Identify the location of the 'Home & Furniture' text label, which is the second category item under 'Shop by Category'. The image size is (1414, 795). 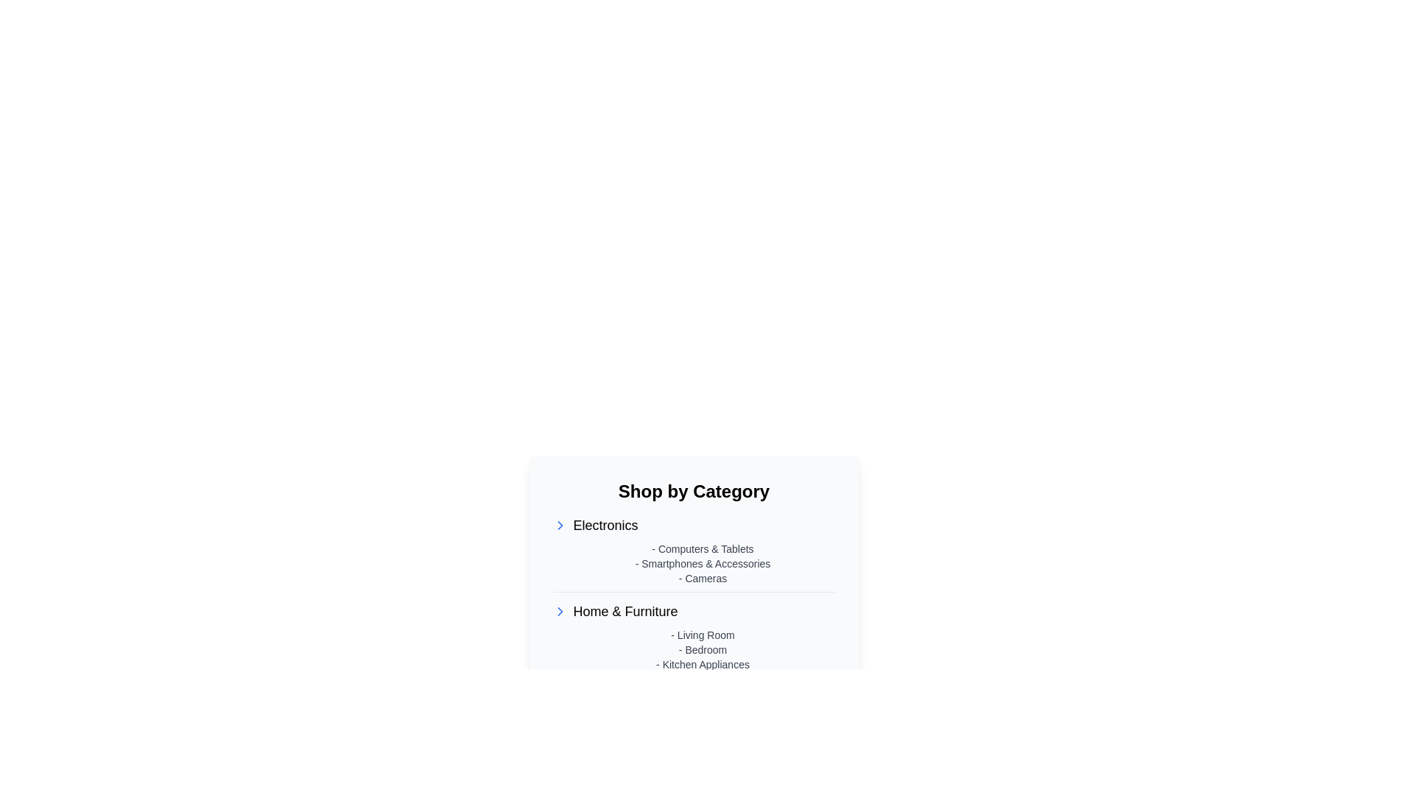
(625, 611).